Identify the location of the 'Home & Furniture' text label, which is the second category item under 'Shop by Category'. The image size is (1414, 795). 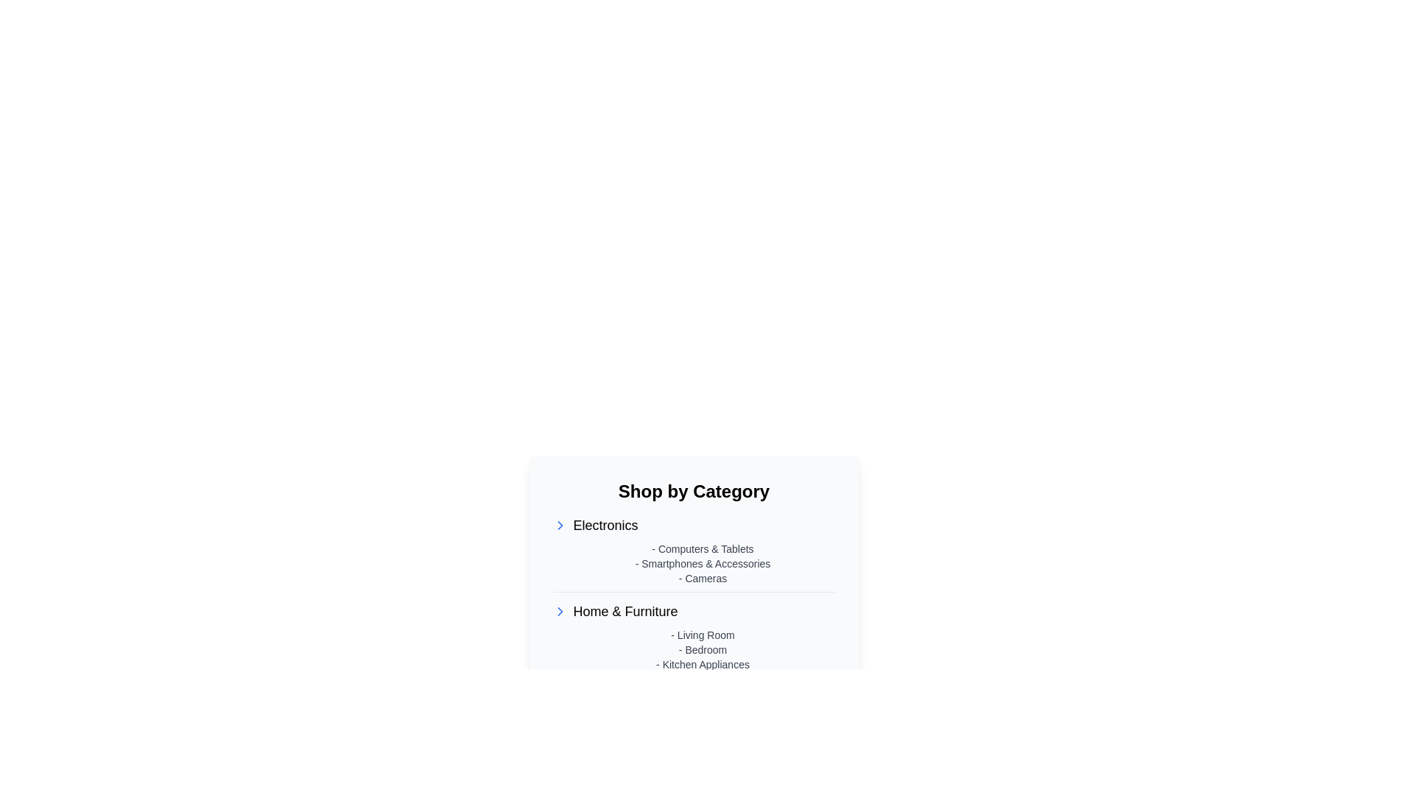
(625, 611).